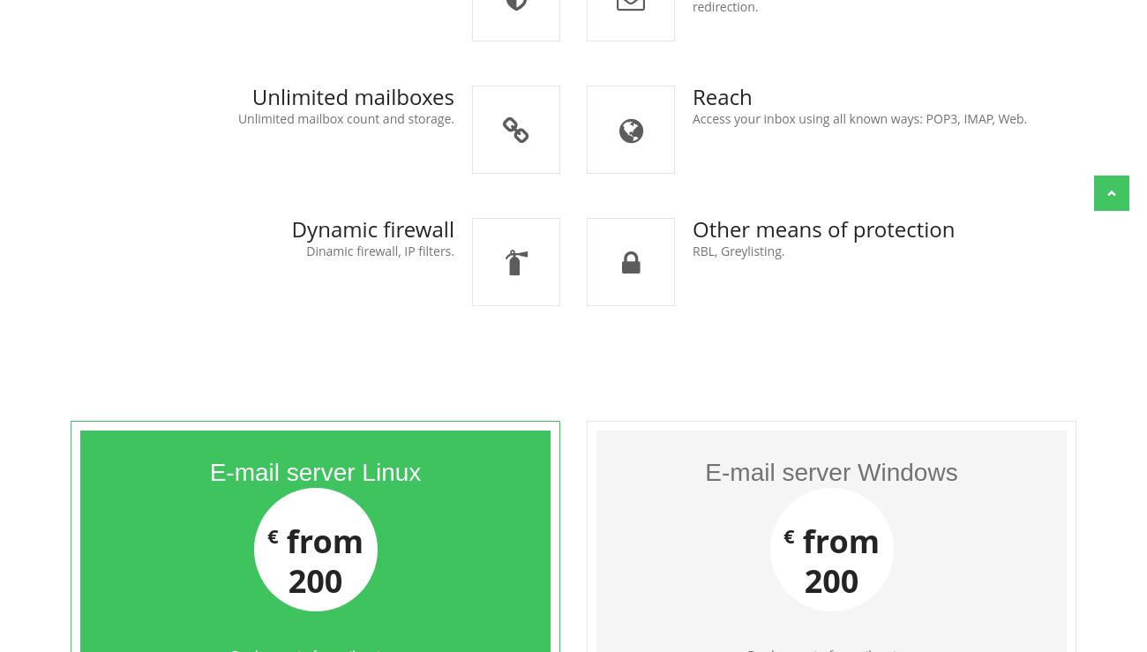 The image size is (1147, 652). I want to click on 'Other means of protection', so click(823, 229).